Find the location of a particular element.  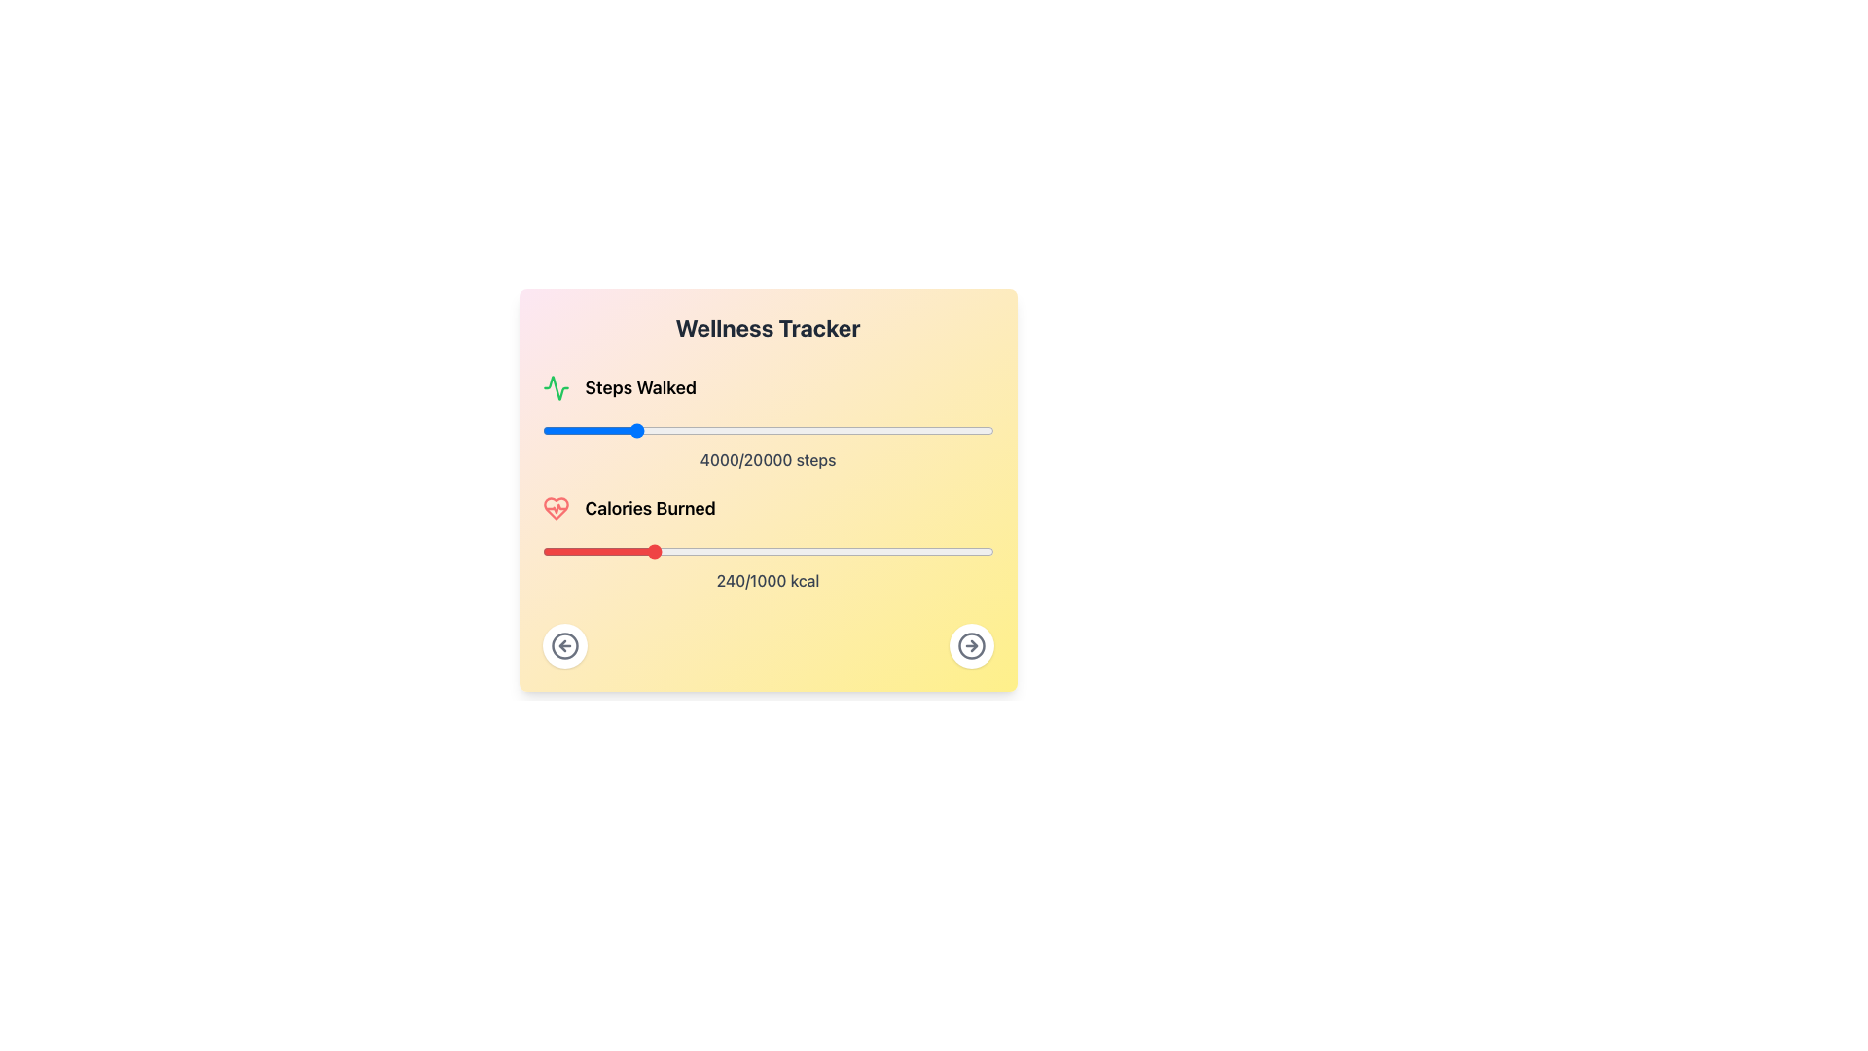

the navigational arrow icon located at the bottom-left corner of the Wellness Tracker interface, which serves as a back button is located at coordinates (560, 645).